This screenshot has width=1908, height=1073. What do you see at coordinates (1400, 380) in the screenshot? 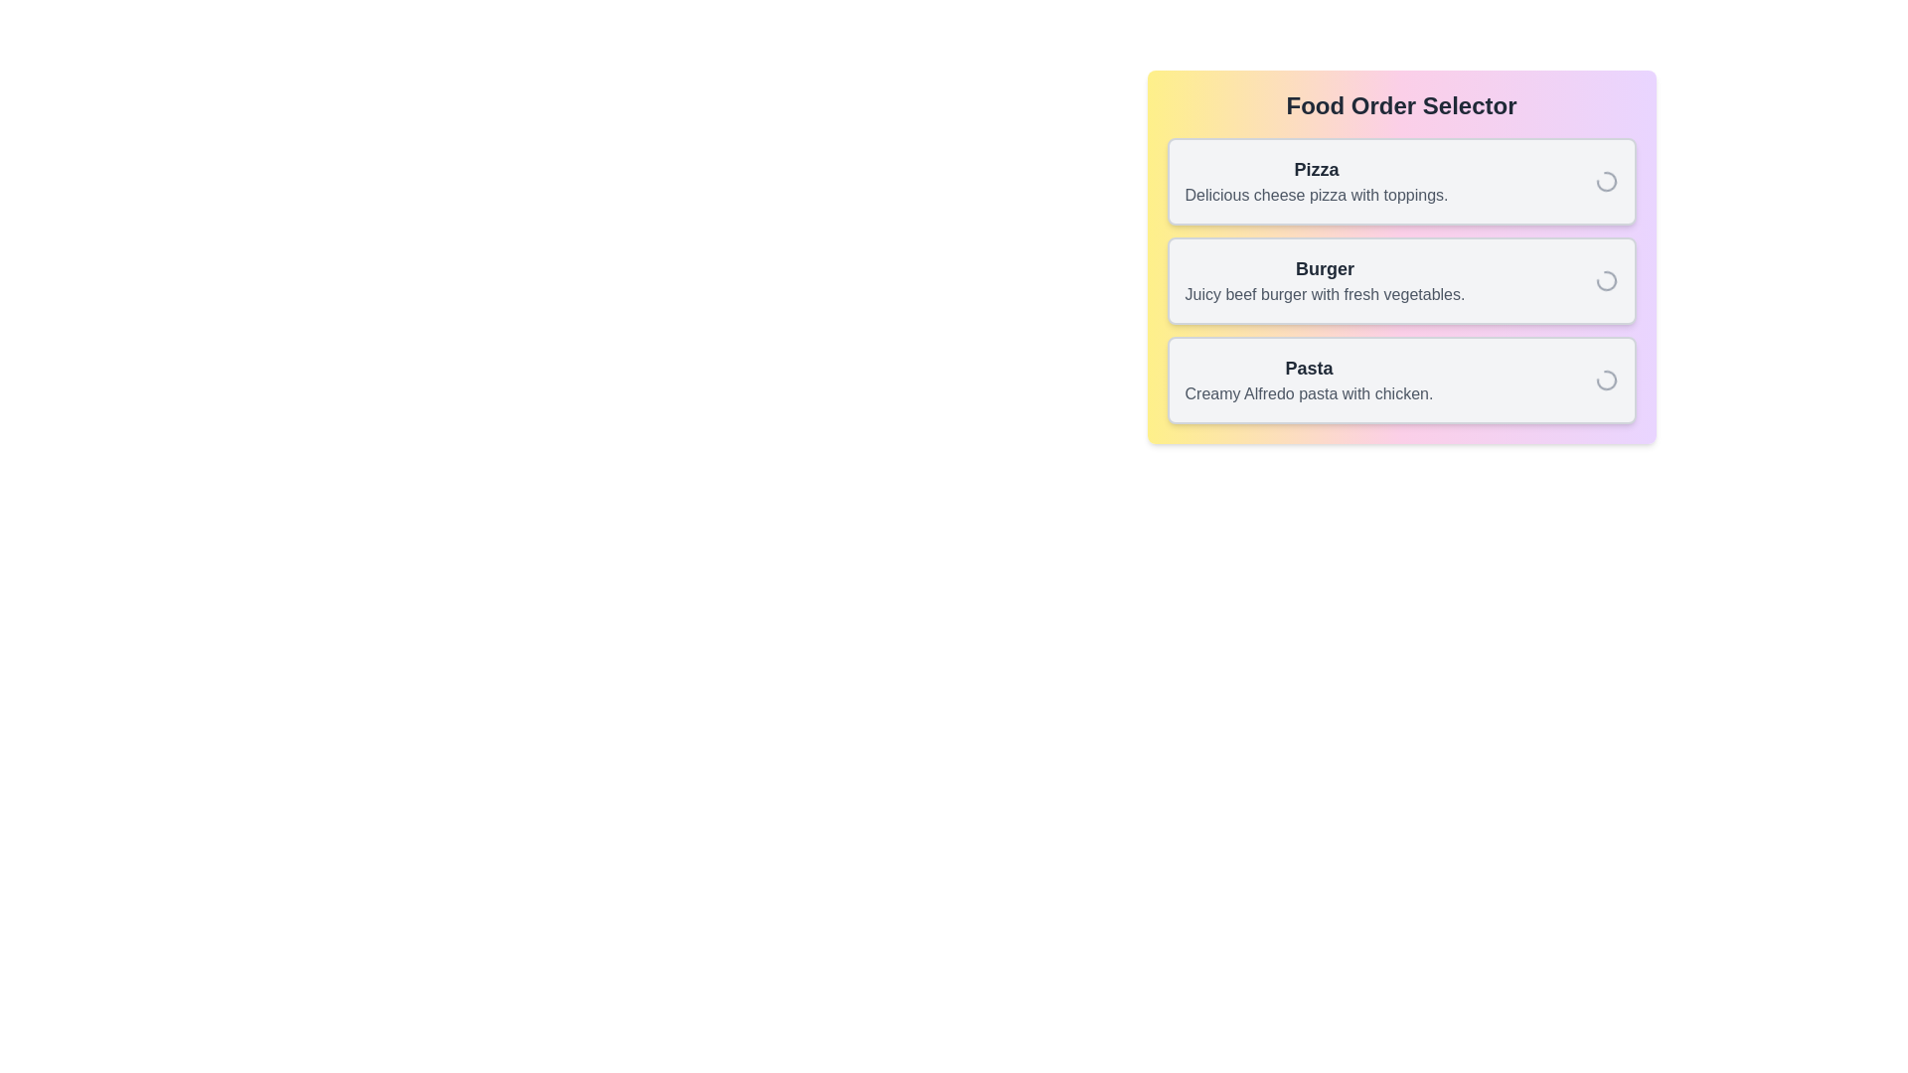
I see `the food item Pasta` at bounding box center [1400, 380].